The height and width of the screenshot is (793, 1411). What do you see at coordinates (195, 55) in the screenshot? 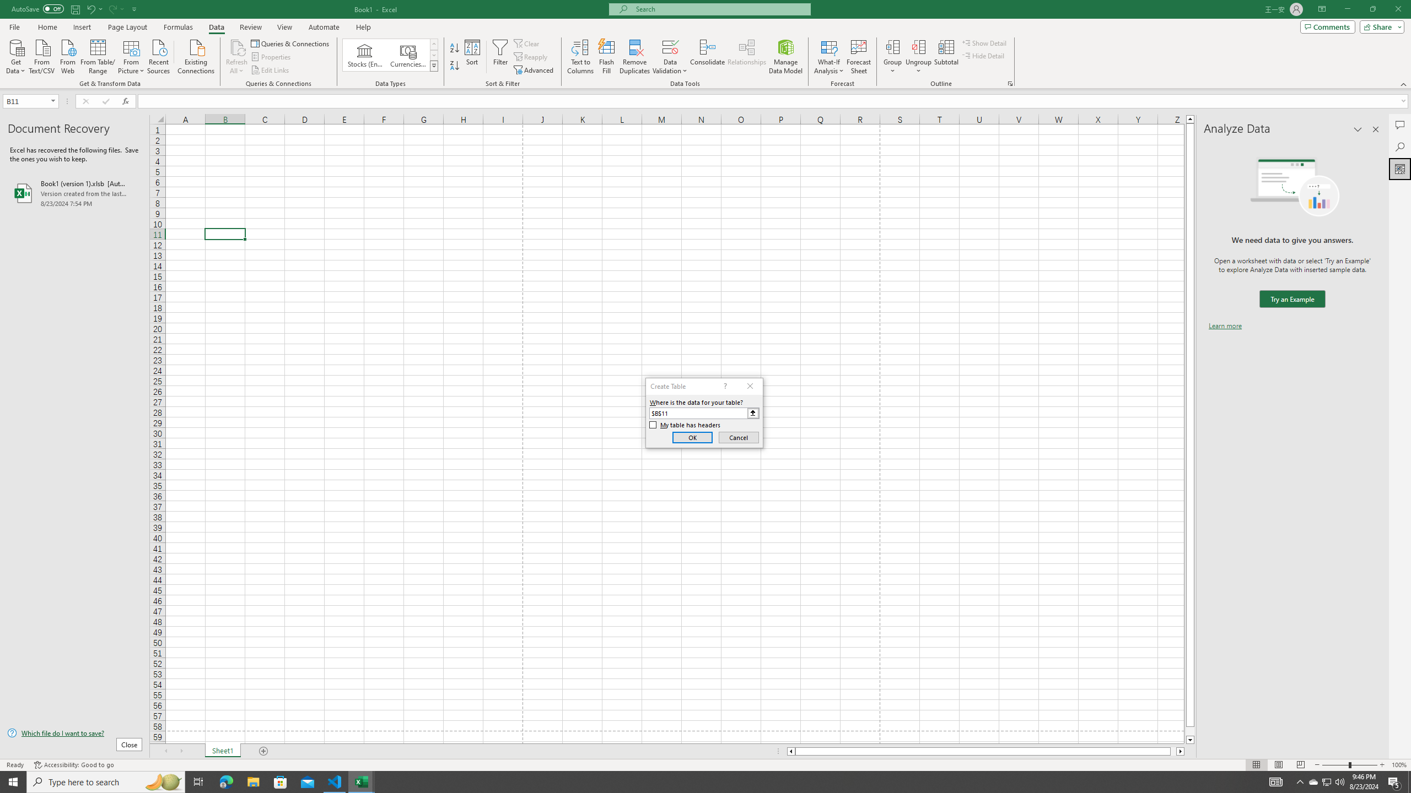
I see `'Existing Connections'` at bounding box center [195, 55].